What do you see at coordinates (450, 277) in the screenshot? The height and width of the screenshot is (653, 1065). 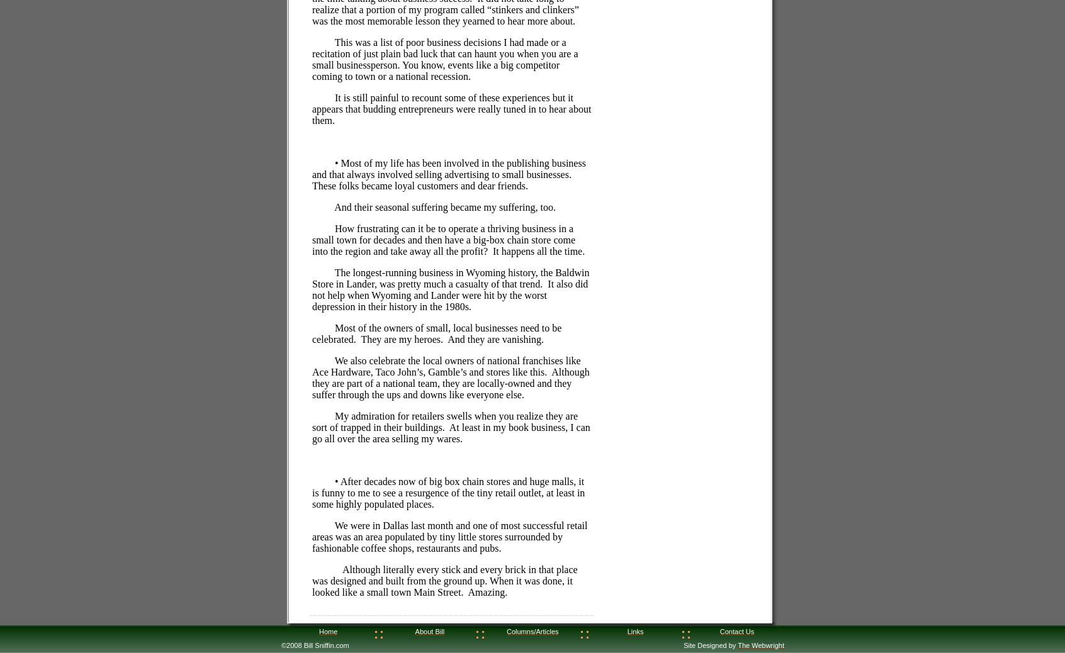 I see `'The
longest-running business in Wyoming history, the Baldwin Store in Lander, was
pretty much a casualty of that trend.'` at bounding box center [450, 277].